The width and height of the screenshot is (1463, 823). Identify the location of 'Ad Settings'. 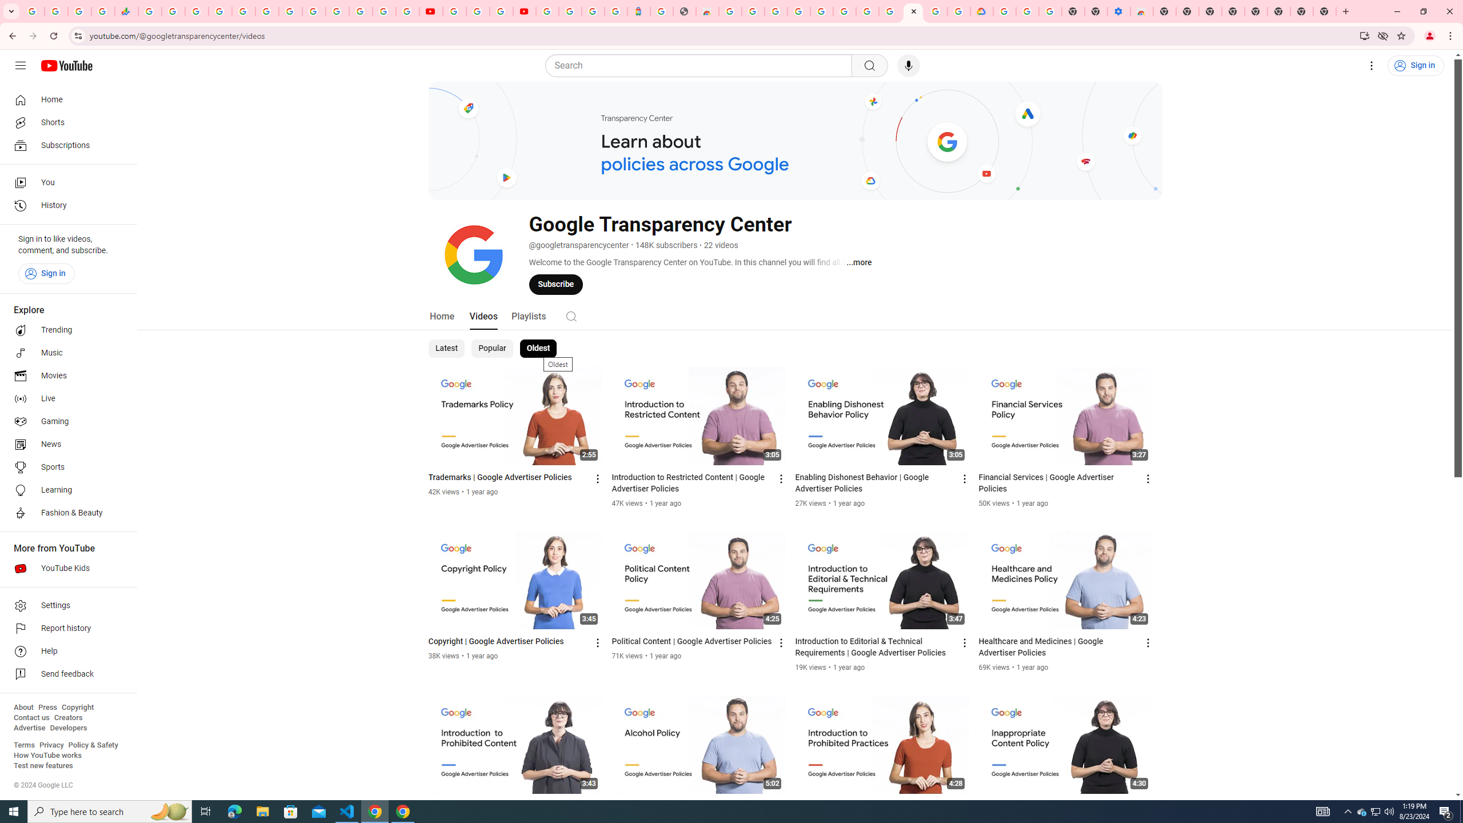
(798, 11).